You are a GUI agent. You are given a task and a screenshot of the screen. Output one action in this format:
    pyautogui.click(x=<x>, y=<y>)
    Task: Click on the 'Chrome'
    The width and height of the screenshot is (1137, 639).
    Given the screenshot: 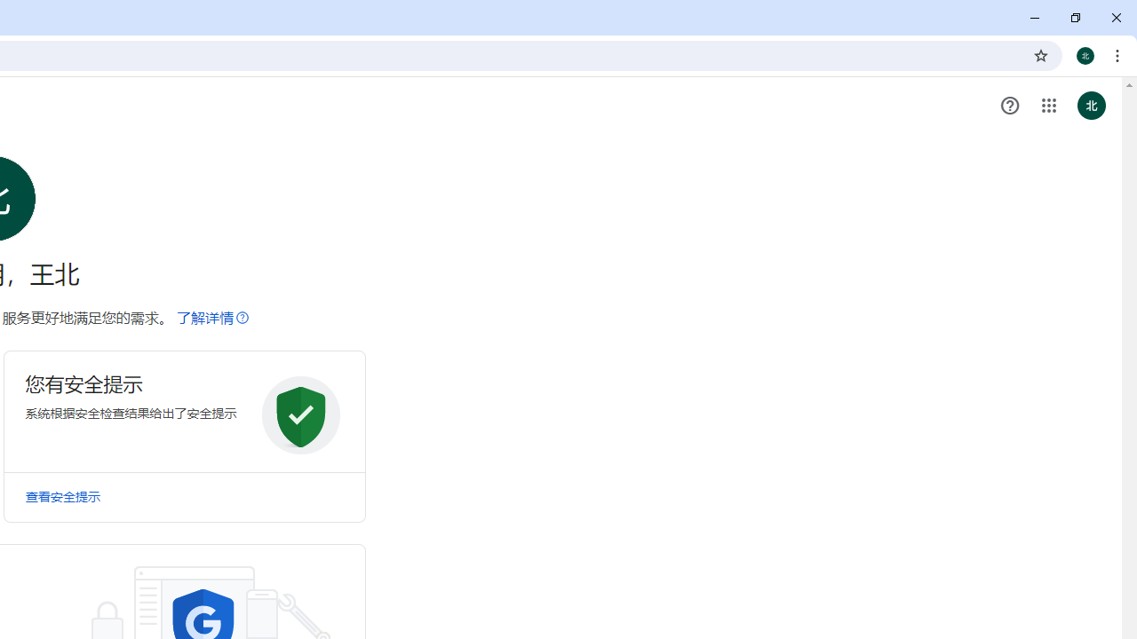 What is the action you would take?
    pyautogui.click(x=1118, y=54)
    